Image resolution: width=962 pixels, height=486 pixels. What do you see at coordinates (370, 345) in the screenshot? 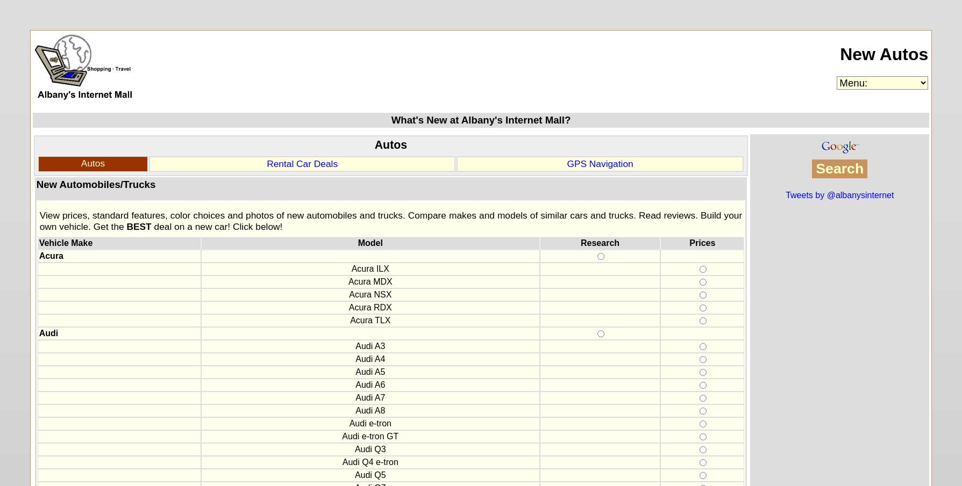
I see `'Audi A3'` at bounding box center [370, 345].